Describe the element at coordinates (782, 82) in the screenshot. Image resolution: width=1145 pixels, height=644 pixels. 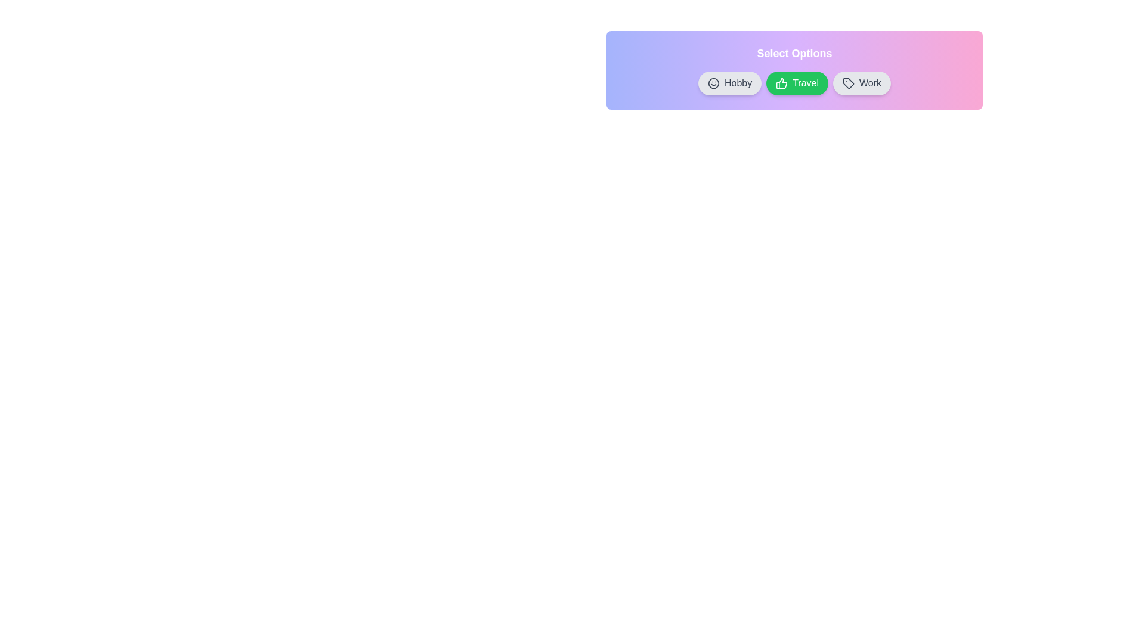
I see `the chip by clicking its icon. The chip can be specified by its label: Travel` at that location.